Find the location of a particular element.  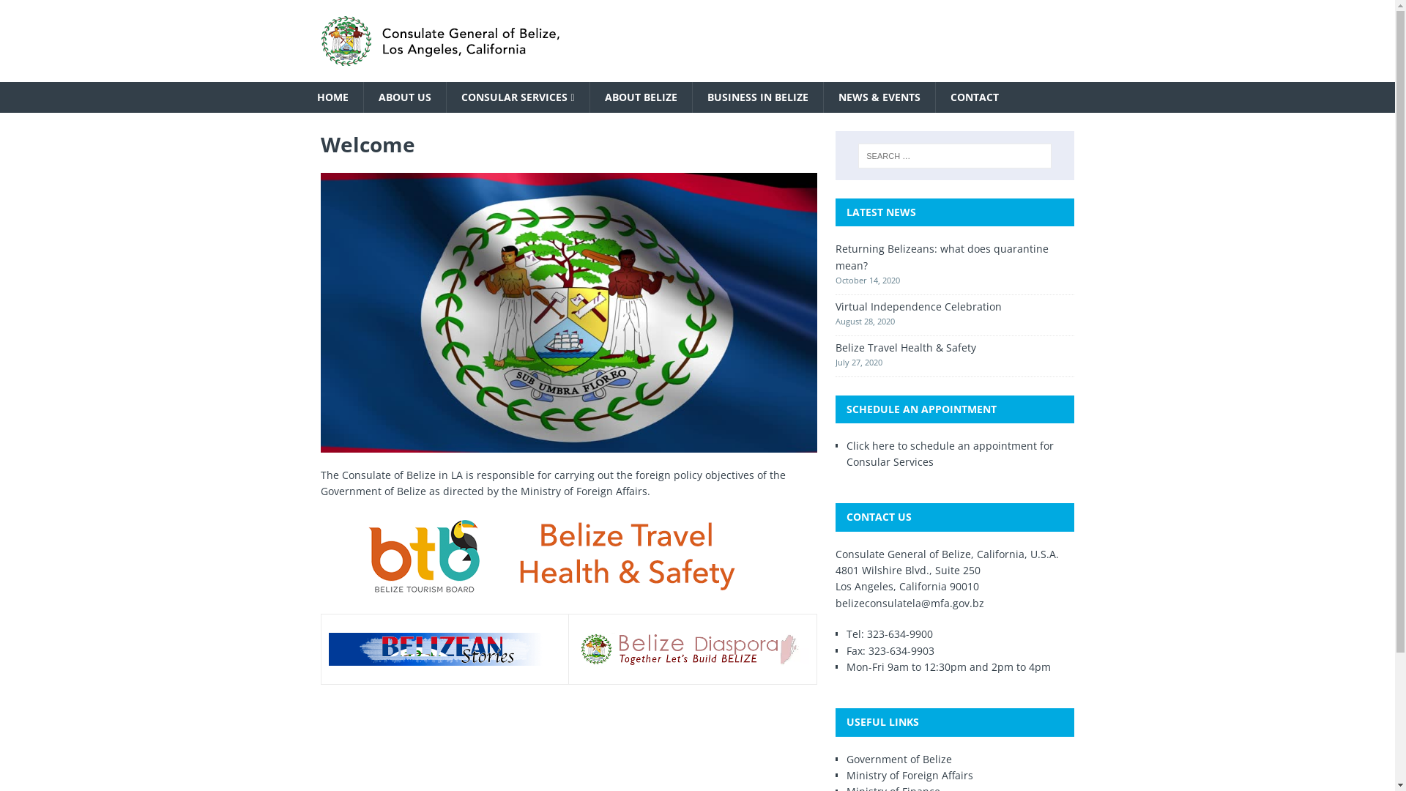

'Belize Travel Health & Safety' is located at coordinates (905, 347).